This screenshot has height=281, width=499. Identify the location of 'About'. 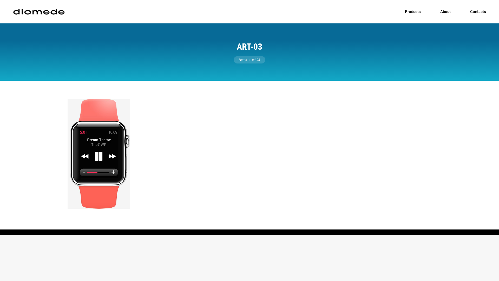
(445, 12).